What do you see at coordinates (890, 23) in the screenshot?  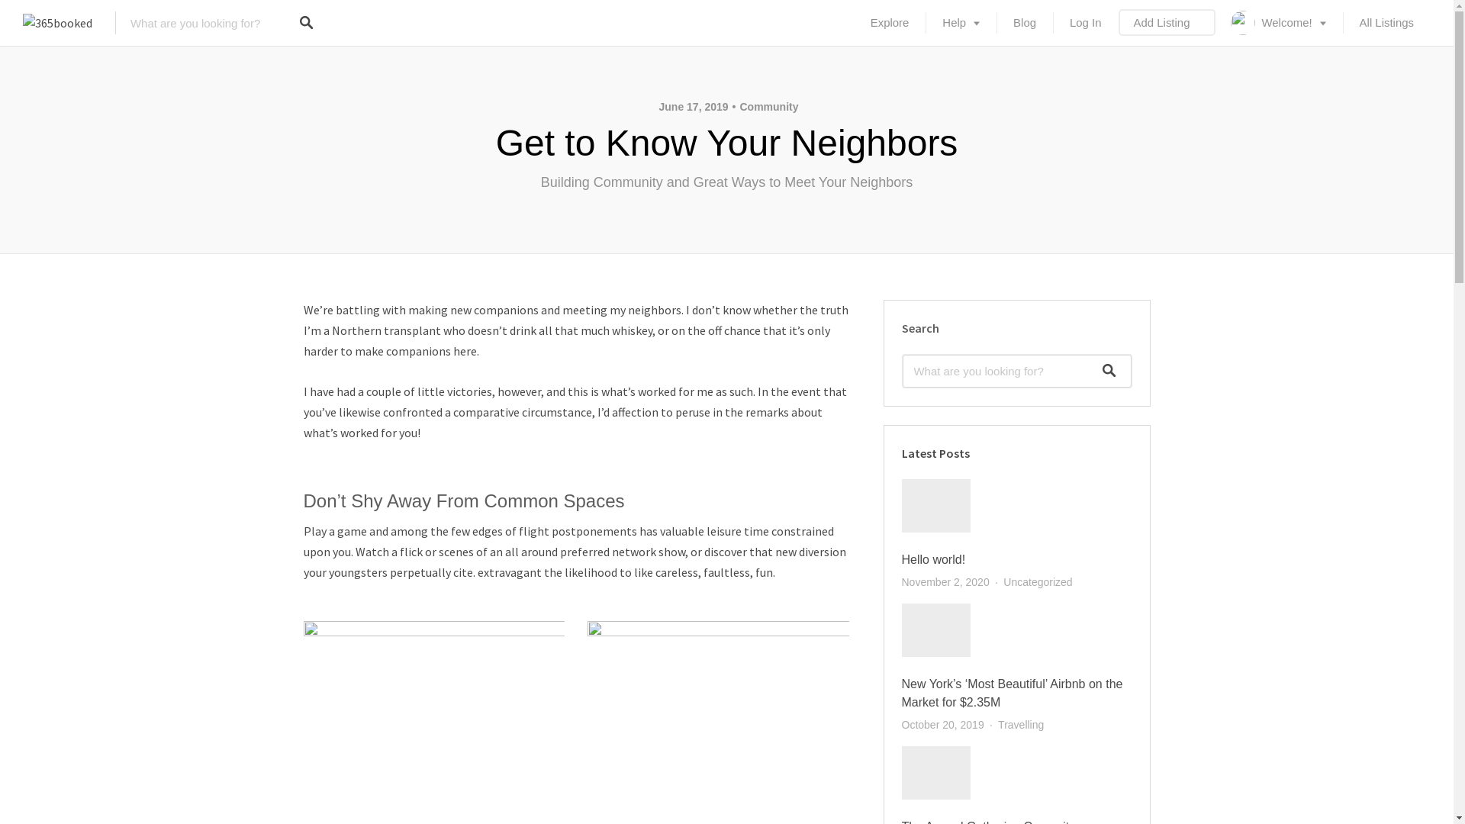 I see `'Explore'` at bounding box center [890, 23].